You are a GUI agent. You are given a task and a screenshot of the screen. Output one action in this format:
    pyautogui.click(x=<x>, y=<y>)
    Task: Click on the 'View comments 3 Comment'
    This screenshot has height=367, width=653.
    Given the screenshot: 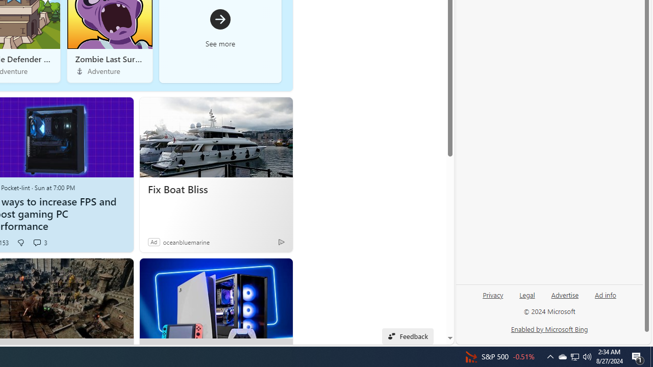 What is the action you would take?
    pyautogui.click(x=37, y=242)
    